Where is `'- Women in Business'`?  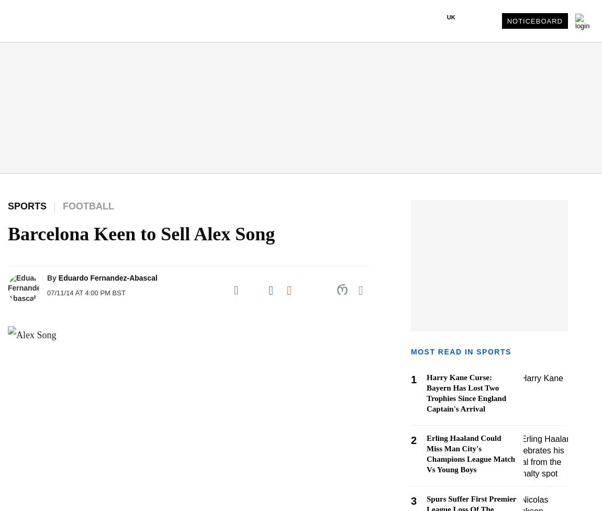 '- Women in Business' is located at coordinates (12, 313).